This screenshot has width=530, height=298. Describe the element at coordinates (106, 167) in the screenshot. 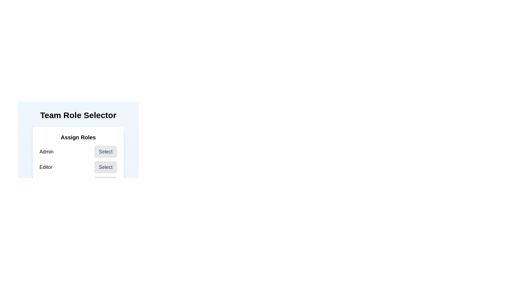

I see `'Select' button next to the role Editor` at that location.